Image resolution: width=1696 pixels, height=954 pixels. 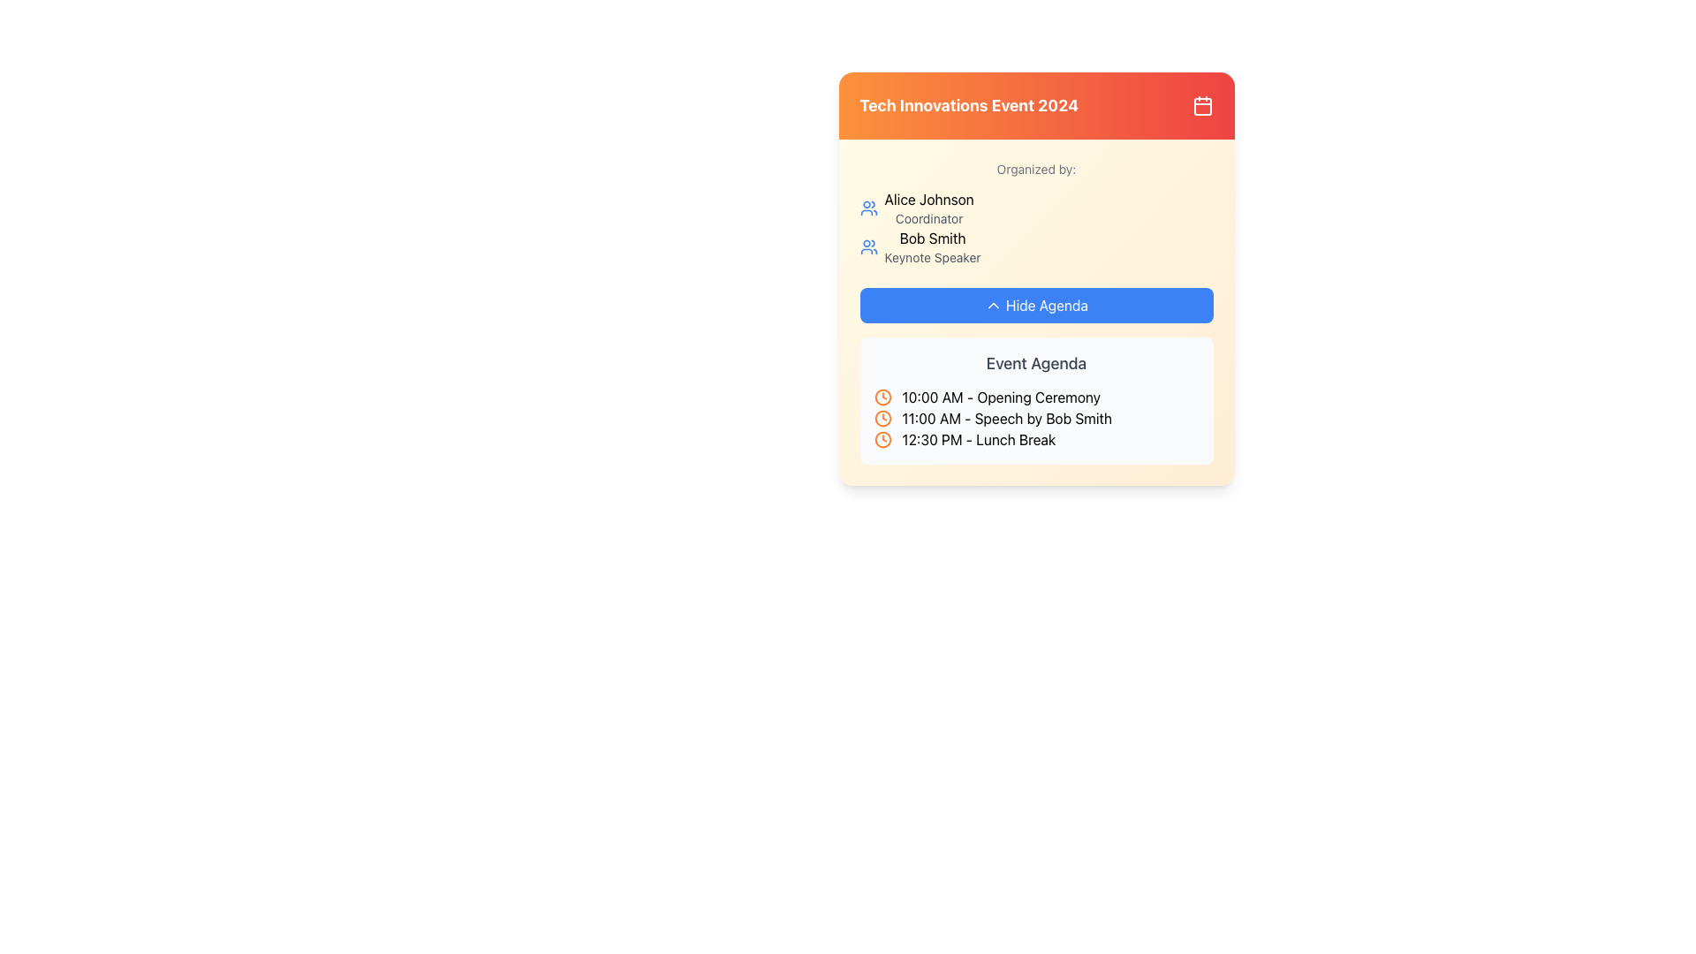 I want to click on the second list item under the 'Event Agenda' section, which features an orange clock icon and the text '11:00 AM - Speech by Bob Smith', to interact with the event information, so click(x=1036, y=419).